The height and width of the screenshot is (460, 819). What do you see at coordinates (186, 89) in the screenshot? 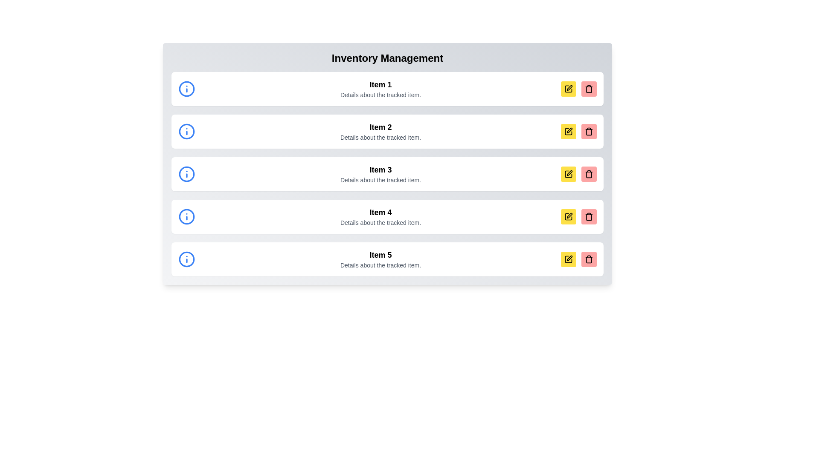
I see `the information icon, which is a circular icon with a blue border and a lowercase 'i' symbol, located to the left of 'Item 1' in the vertical list` at bounding box center [186, 89].